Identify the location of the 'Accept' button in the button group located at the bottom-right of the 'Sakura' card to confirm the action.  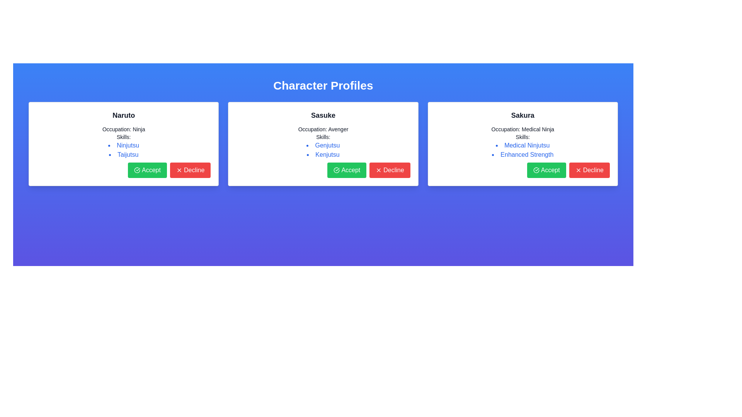
(522, 170).